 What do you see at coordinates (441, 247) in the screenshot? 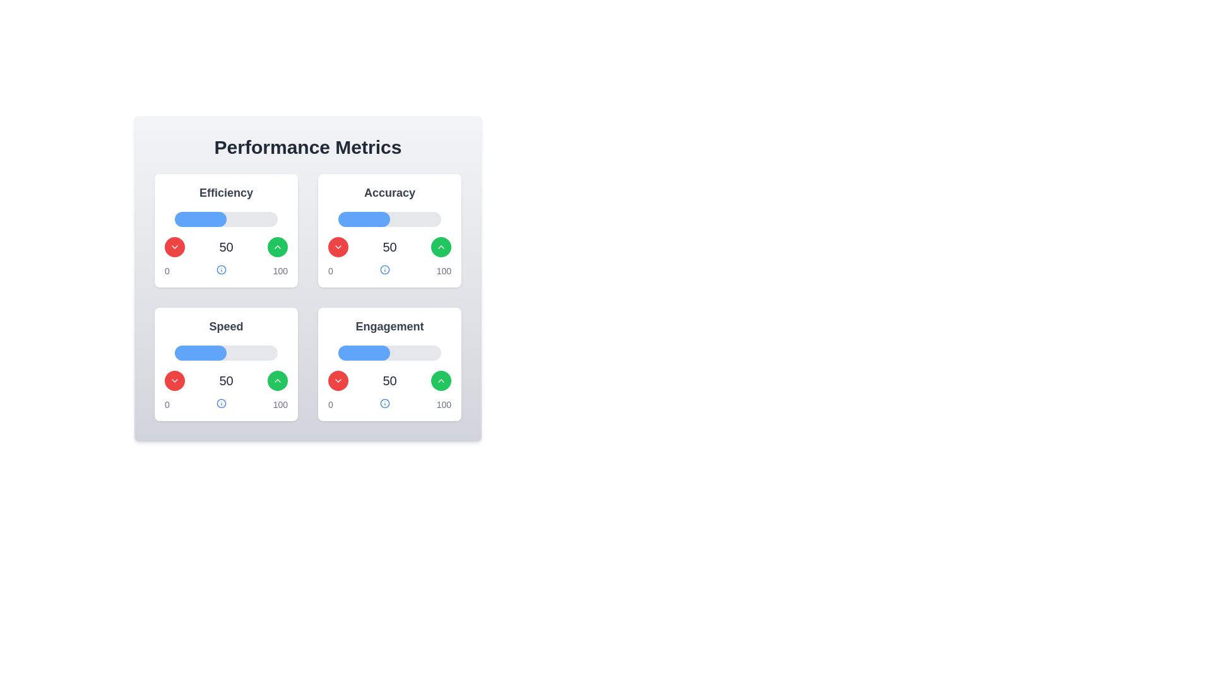
I see `the upward-pointing chevron icon located inside the circular green button at the bottom-right corner of the 'Accuracy' metric card in the 'Performance Metrics' grid` at bounding box center [441, 247].